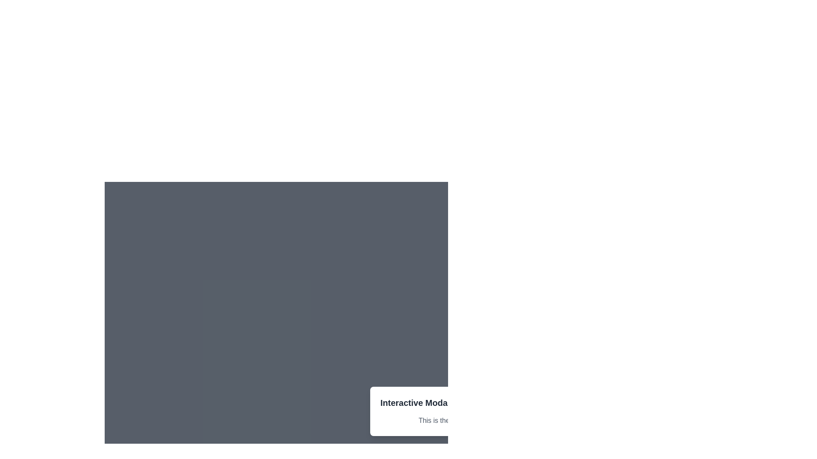 The width and height of the screenshot is (817, 459). I want to click on the Heading text element that serves as the title for the modal interface, providing users with an understanding of the modal's purpose, so click(415, 402).